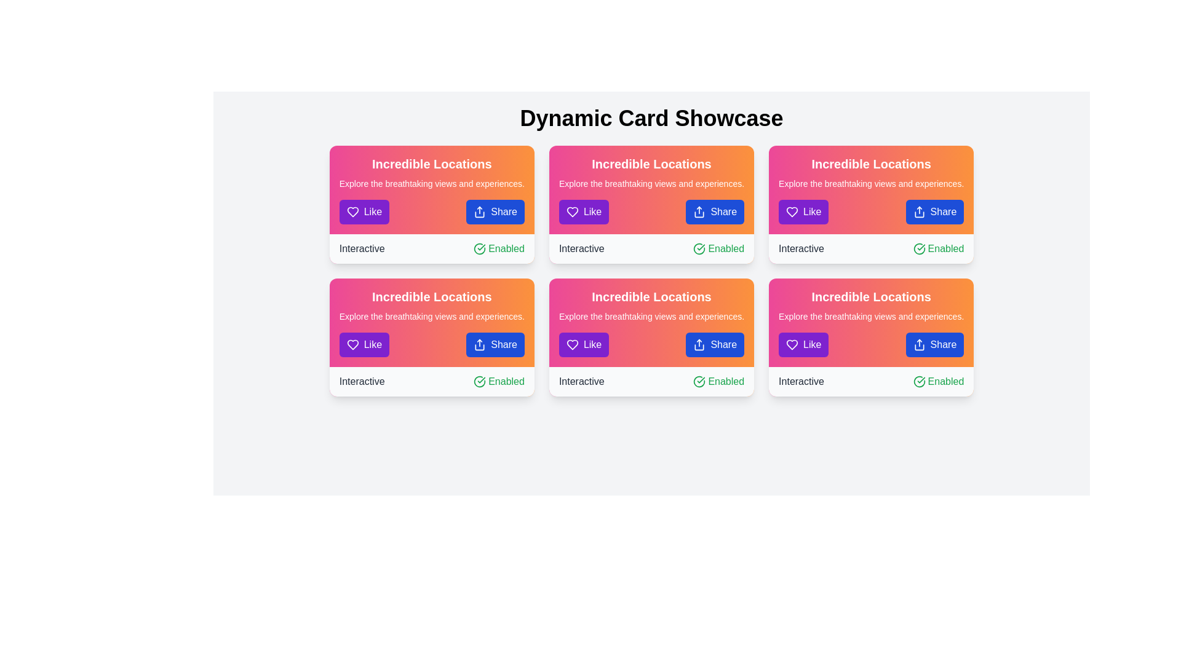 Image resolution: width=1181 pixels, height=664 pixels. What do you see at coordinates (718, 249) in the screenshot?
I see `the Status Indicator, which displays 'Enabled' in green with a checkmark icon, located at the bottom-right corner of the card layout` at bounding box center [718, 249].